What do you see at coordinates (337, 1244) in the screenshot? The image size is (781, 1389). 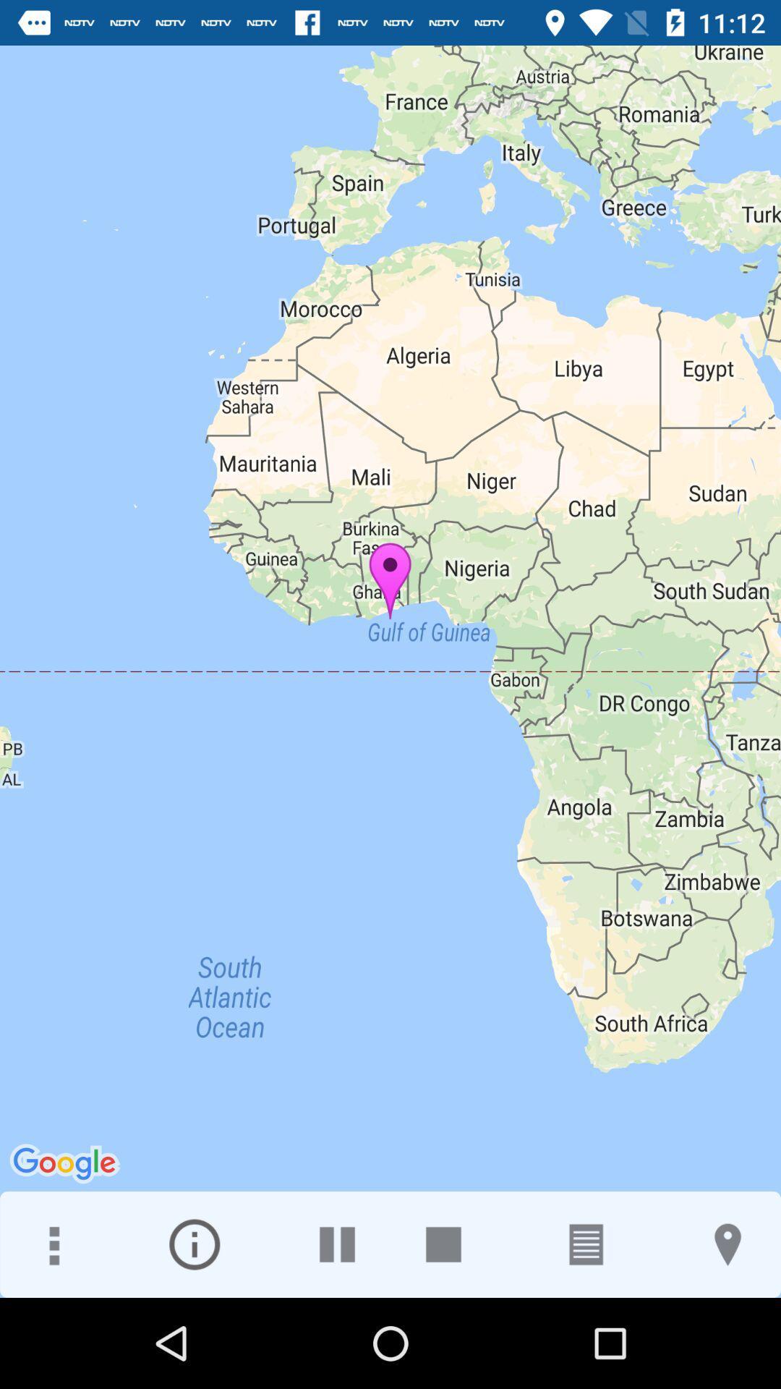 I see `the pause icon` at bounding box center [337, 1244].